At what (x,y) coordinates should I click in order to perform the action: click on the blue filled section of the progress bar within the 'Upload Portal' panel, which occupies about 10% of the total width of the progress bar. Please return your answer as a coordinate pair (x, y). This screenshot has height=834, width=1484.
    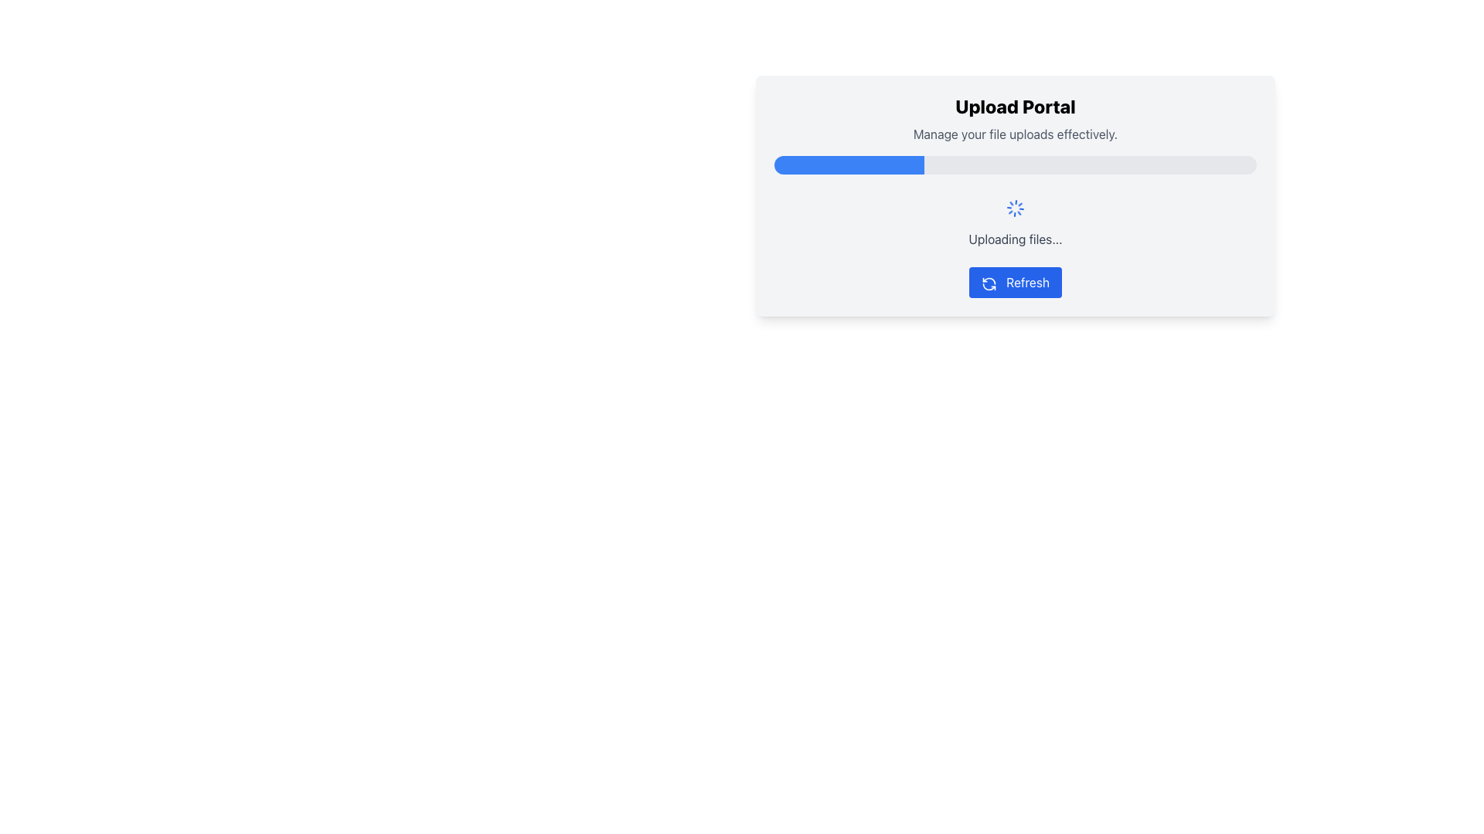
    Looking at the image, I should click on (794, 164).